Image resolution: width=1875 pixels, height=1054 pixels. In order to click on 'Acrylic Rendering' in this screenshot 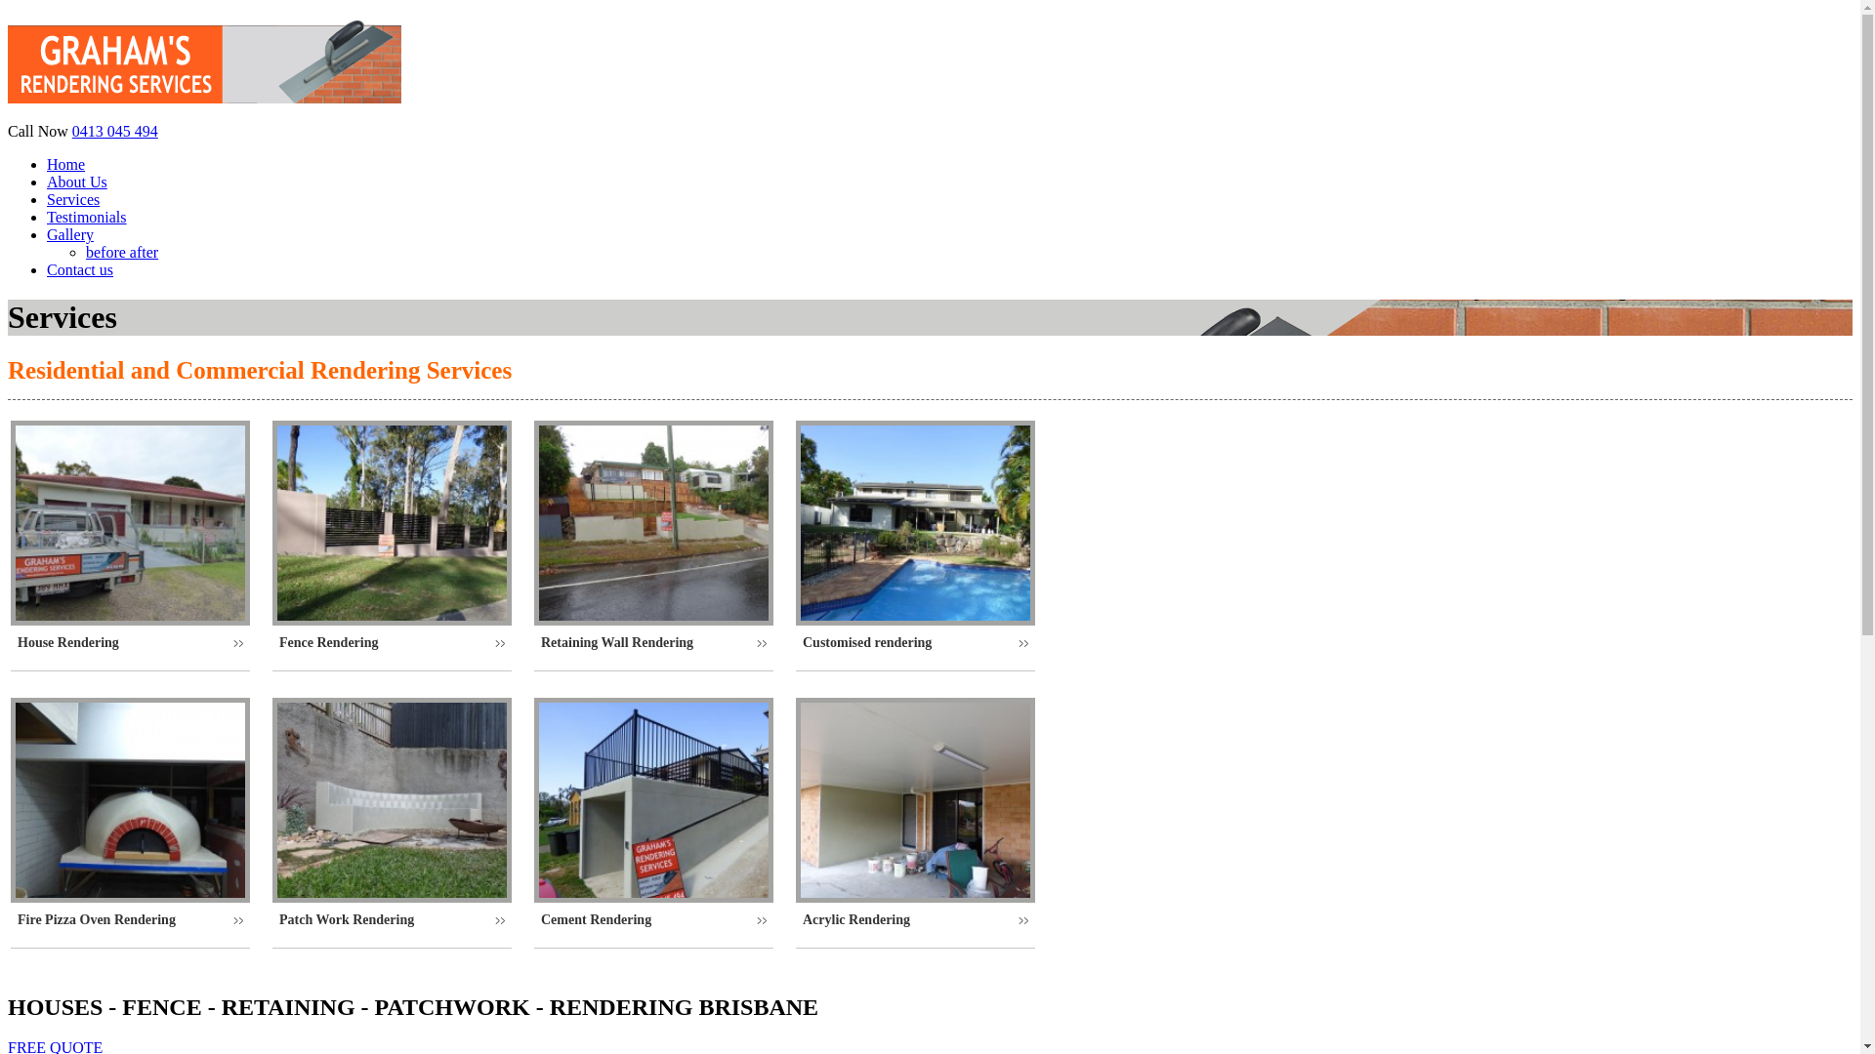, I will do `click(914, 919)`.